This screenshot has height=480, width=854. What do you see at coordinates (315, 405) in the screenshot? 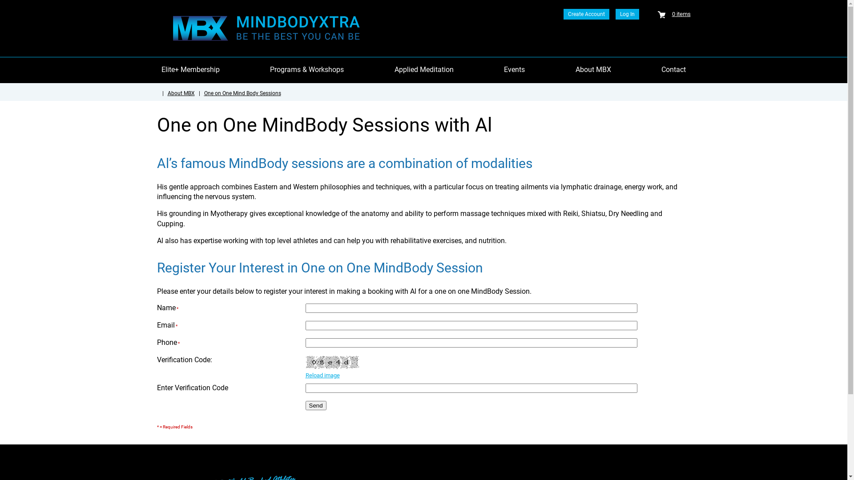
I see `'Send'` at bounding box center [315, 405].